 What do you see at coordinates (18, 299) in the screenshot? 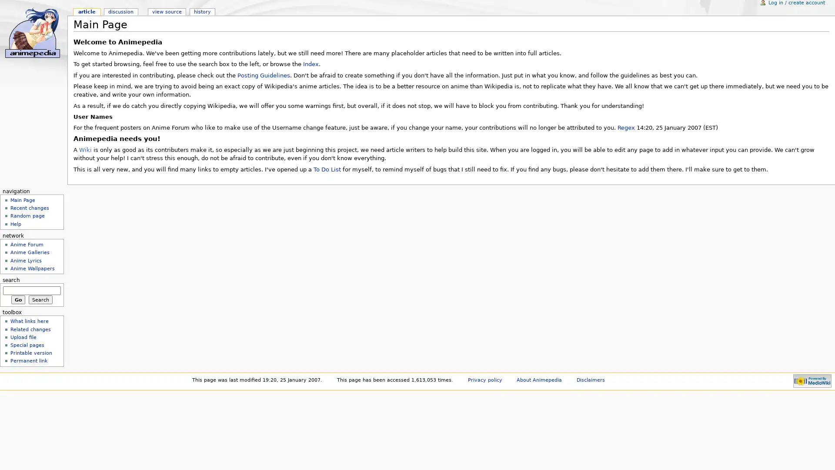
I see `Go` at bounding box center [18, 299].